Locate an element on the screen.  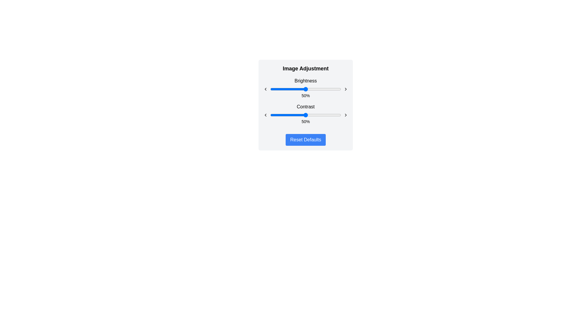
brightness is located at coordinates (338, 89).